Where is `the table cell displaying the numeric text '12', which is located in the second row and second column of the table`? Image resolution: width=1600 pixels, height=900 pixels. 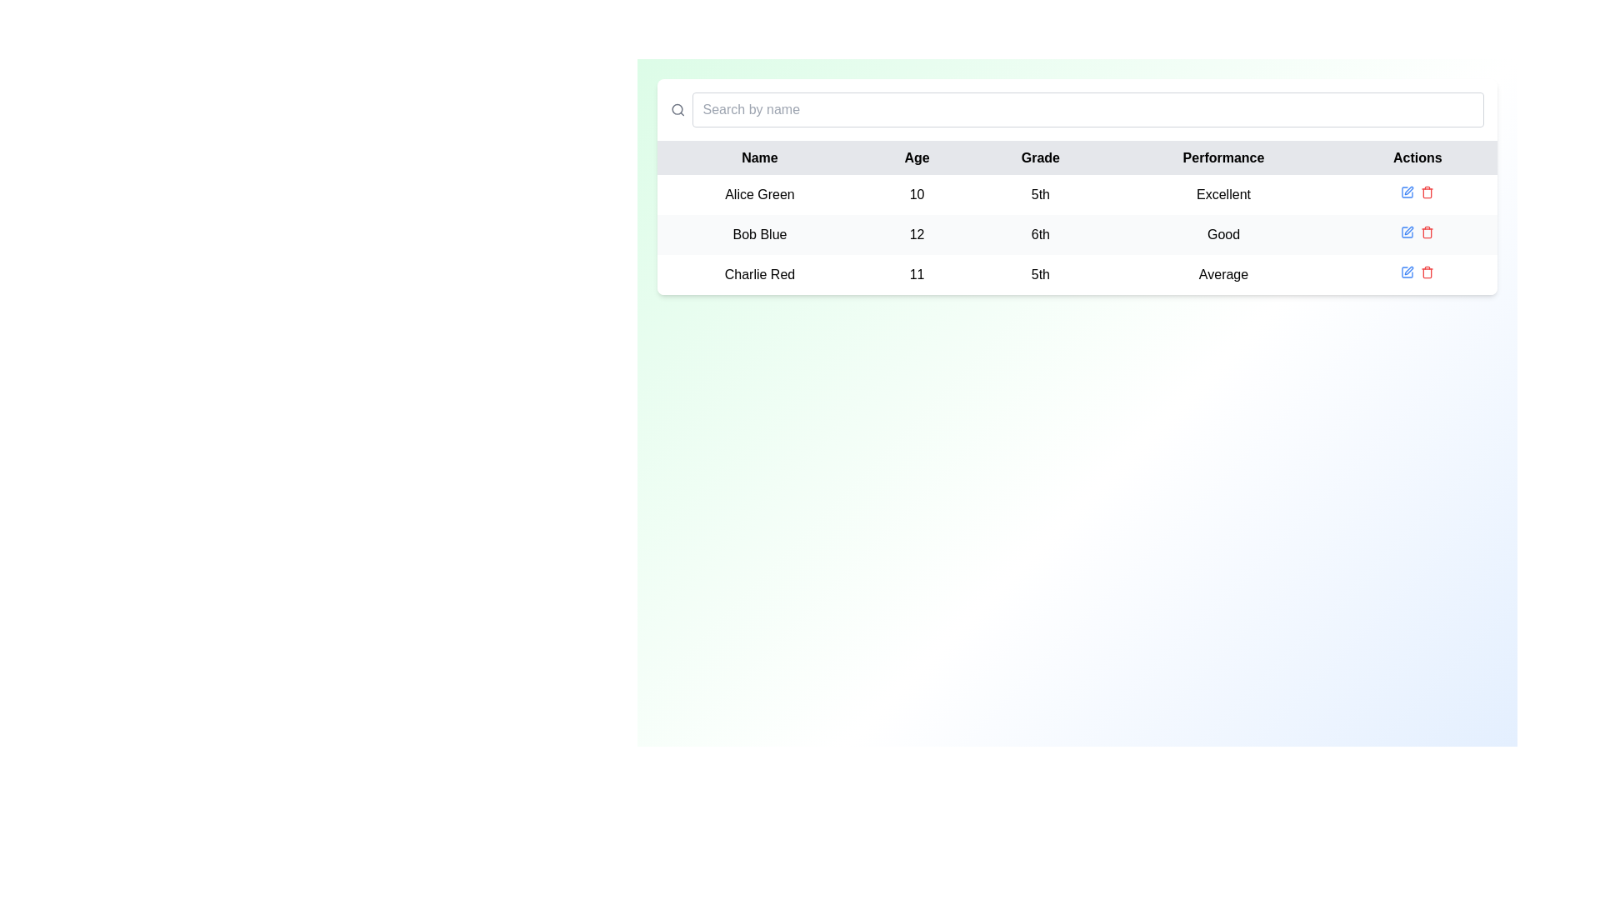
the table cell displaying the numeric text '12', which is located in the second row and second column of the table is located at coordinates (916, 234).